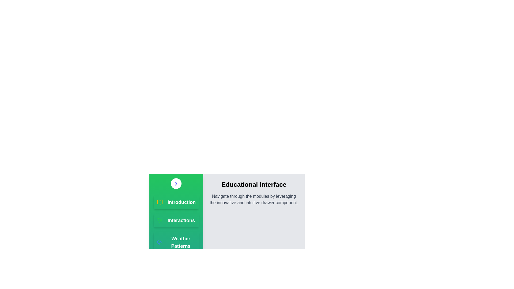  I want to click on button with the chevron icon to toggle the drawer's open/close state, so click(176, 183).